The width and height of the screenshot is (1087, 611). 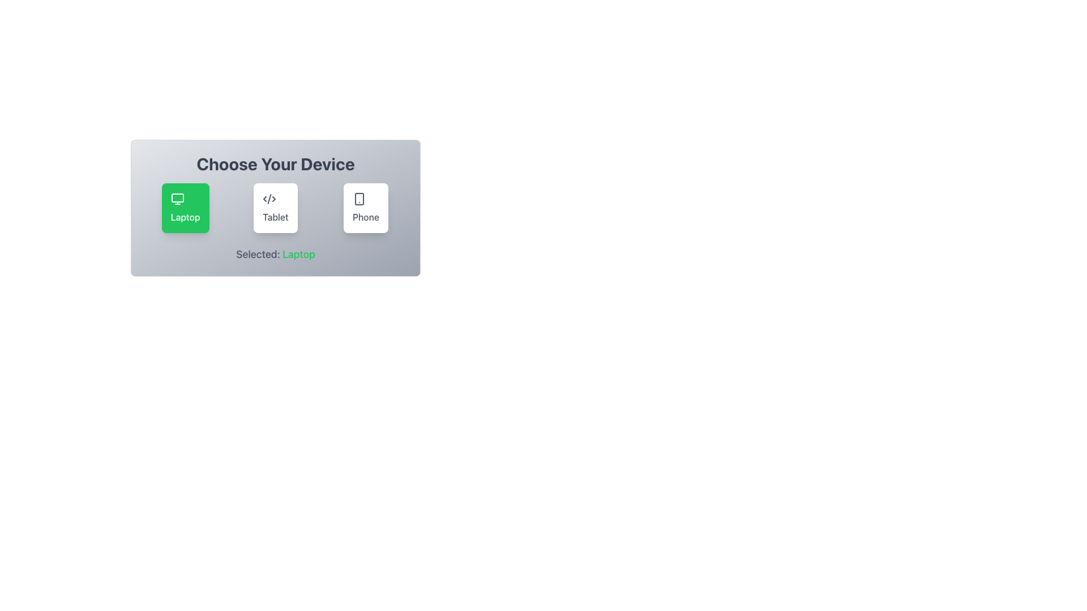 What do you see at coordinates (177, 198) in the screenshot?
I see `the 'Laptop' icon, which is the first button in the device selection interface under the heading 'Choose Your Device', distinguished by its green background` at bounding box center [177, 198].